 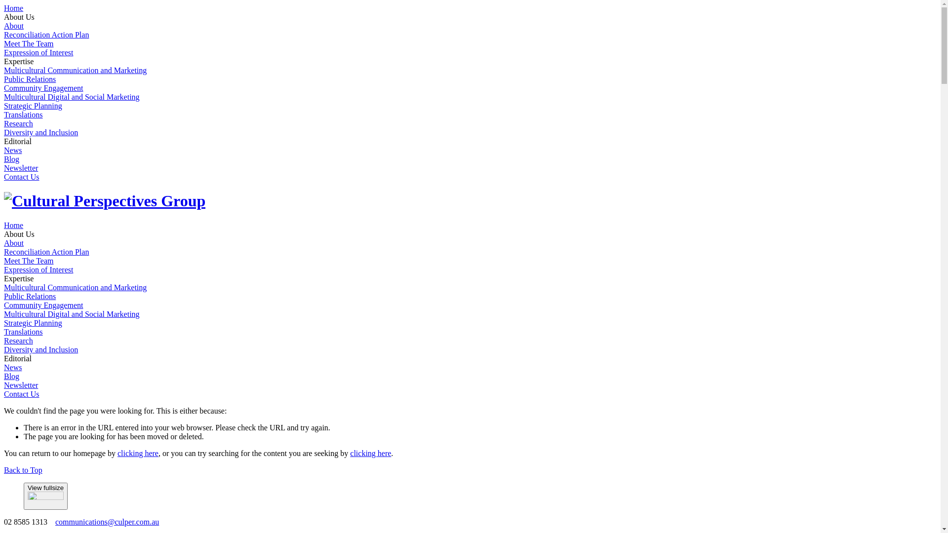 What do you see at coordinates (38, 269) in the screenshot?
I see `'Expression of Interest'` at bounding box center [38, 269].